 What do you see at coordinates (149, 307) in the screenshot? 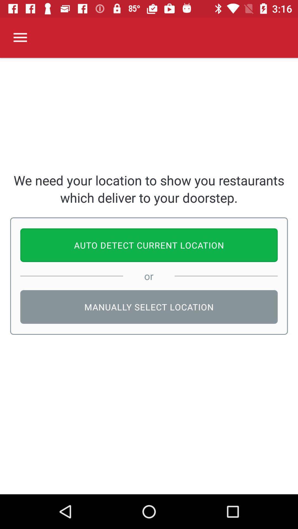
I see `the manually select location icon` at bounding box center [149, 307].